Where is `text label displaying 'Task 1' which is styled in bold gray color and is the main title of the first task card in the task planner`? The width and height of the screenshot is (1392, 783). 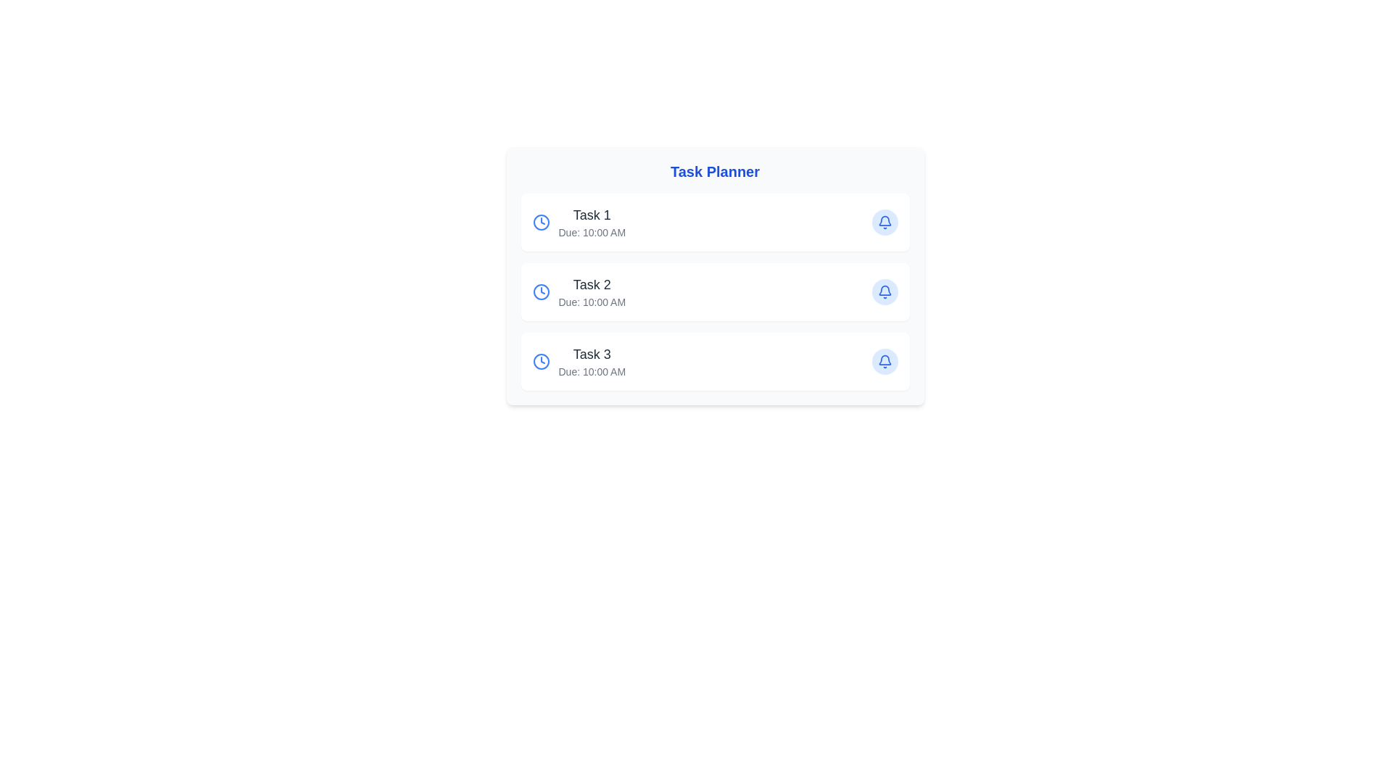 text label displaying 'Task 1' which is styled in bold gray color and is the main title of the first task card in the task planner is located at coordinates (592, 215).